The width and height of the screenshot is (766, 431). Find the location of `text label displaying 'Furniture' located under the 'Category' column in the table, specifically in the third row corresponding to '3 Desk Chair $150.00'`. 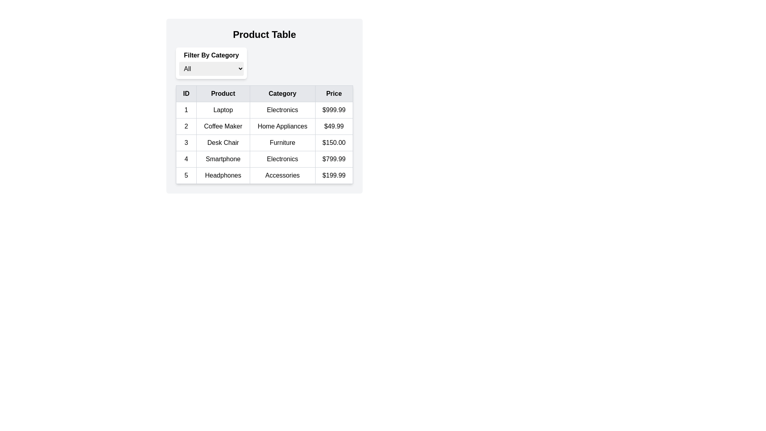

text label displaying 'Furniture' located under the 'Category' column in the table, specifically in the third row corresponding to '3 Desk Chair $150.00' is located at coordinates (282, 142).